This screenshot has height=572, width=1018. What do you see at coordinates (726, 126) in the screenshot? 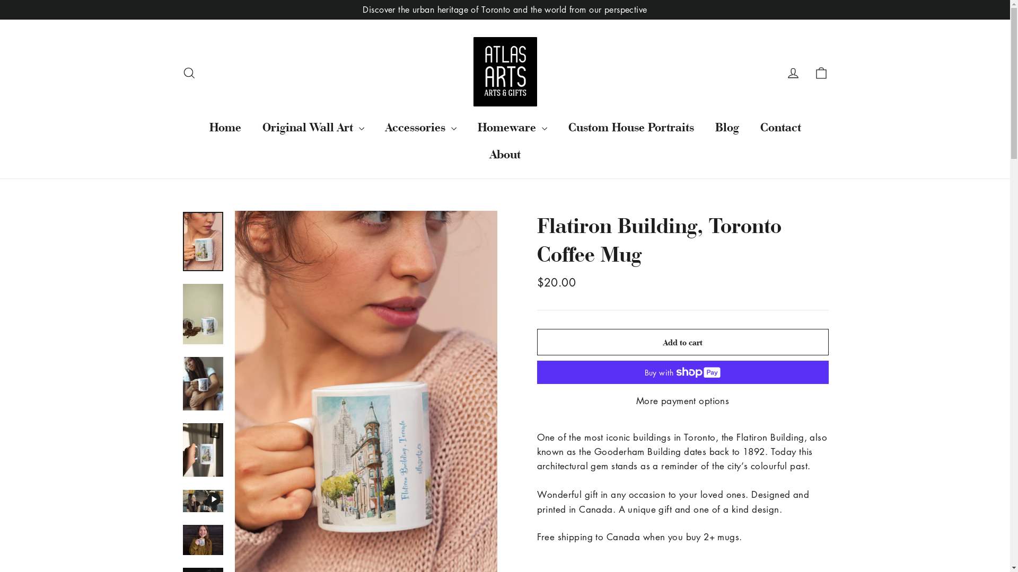
I see `'Blog'` at bounding box center [726, 126].